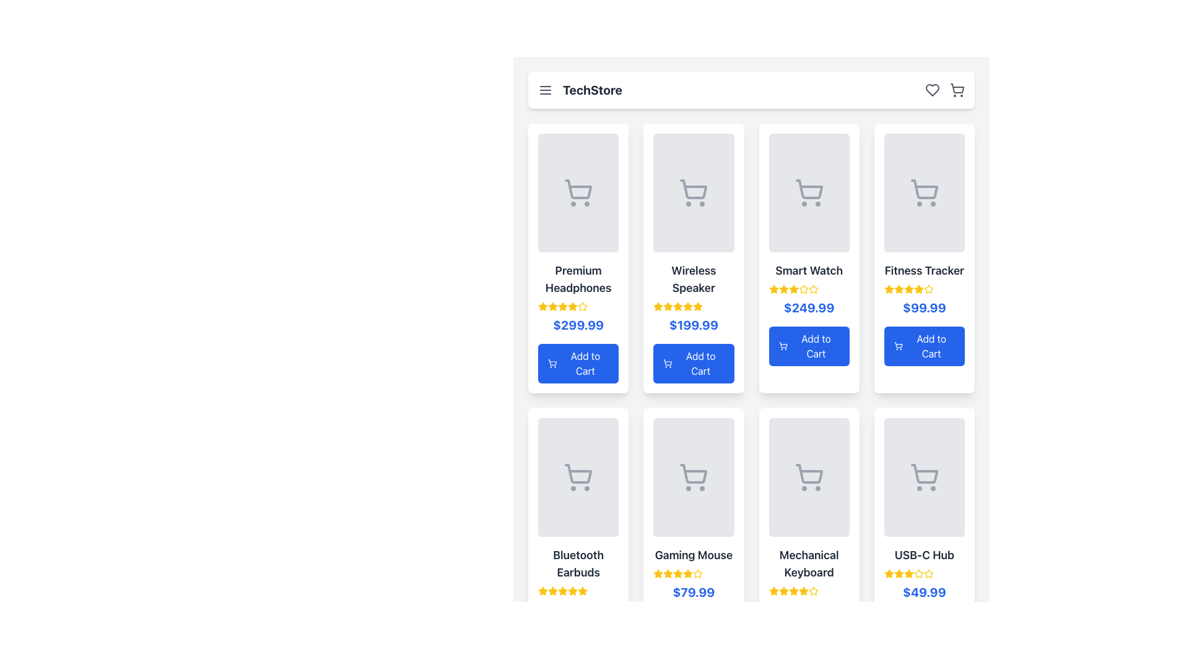 The height and width of the screenshot is (668, 1189). I want to click on the third star icon in the 5-star rating system for the 'Fitness Tracker' product, so click(899, 289).